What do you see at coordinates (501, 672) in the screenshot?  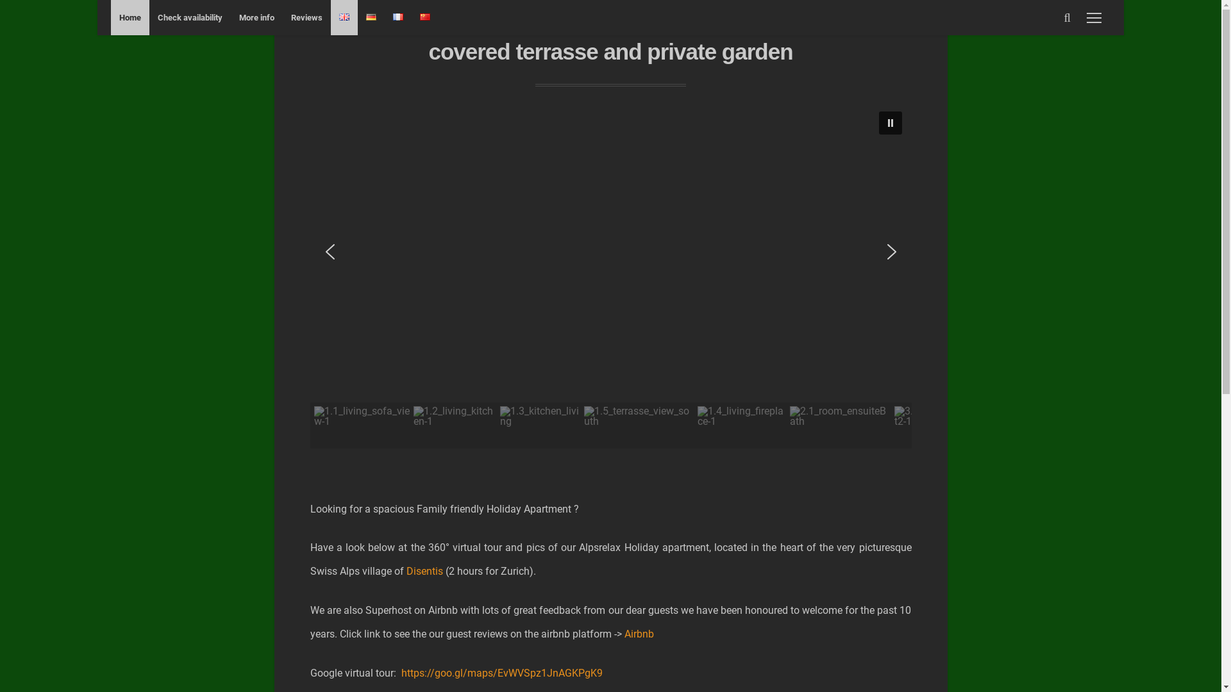 I see `'https://goo.gl/maps/EvWVSpz1JnAGKPgK9'` at bounding box center [501, 672].